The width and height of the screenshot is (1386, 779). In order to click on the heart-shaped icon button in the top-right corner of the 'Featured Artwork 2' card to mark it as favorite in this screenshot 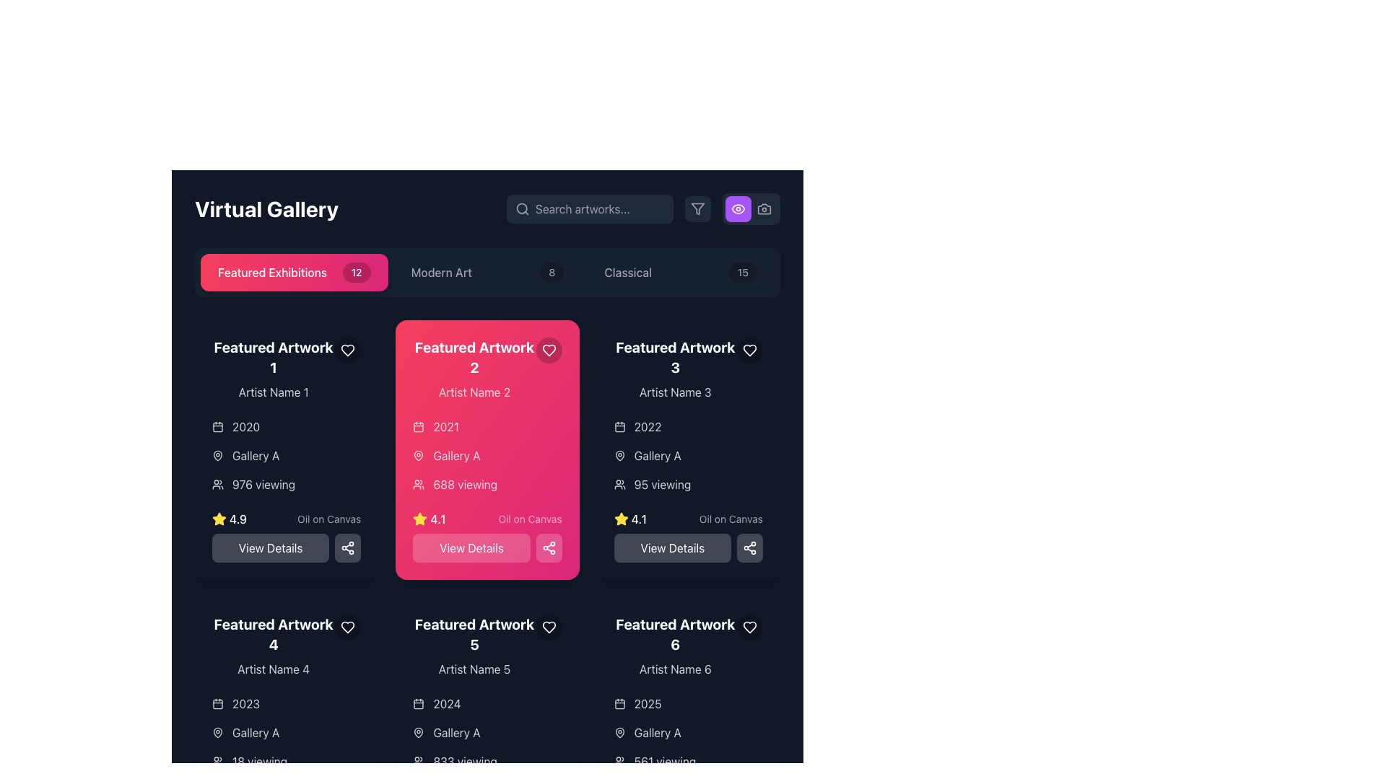, I will do `click(348, 351)`.